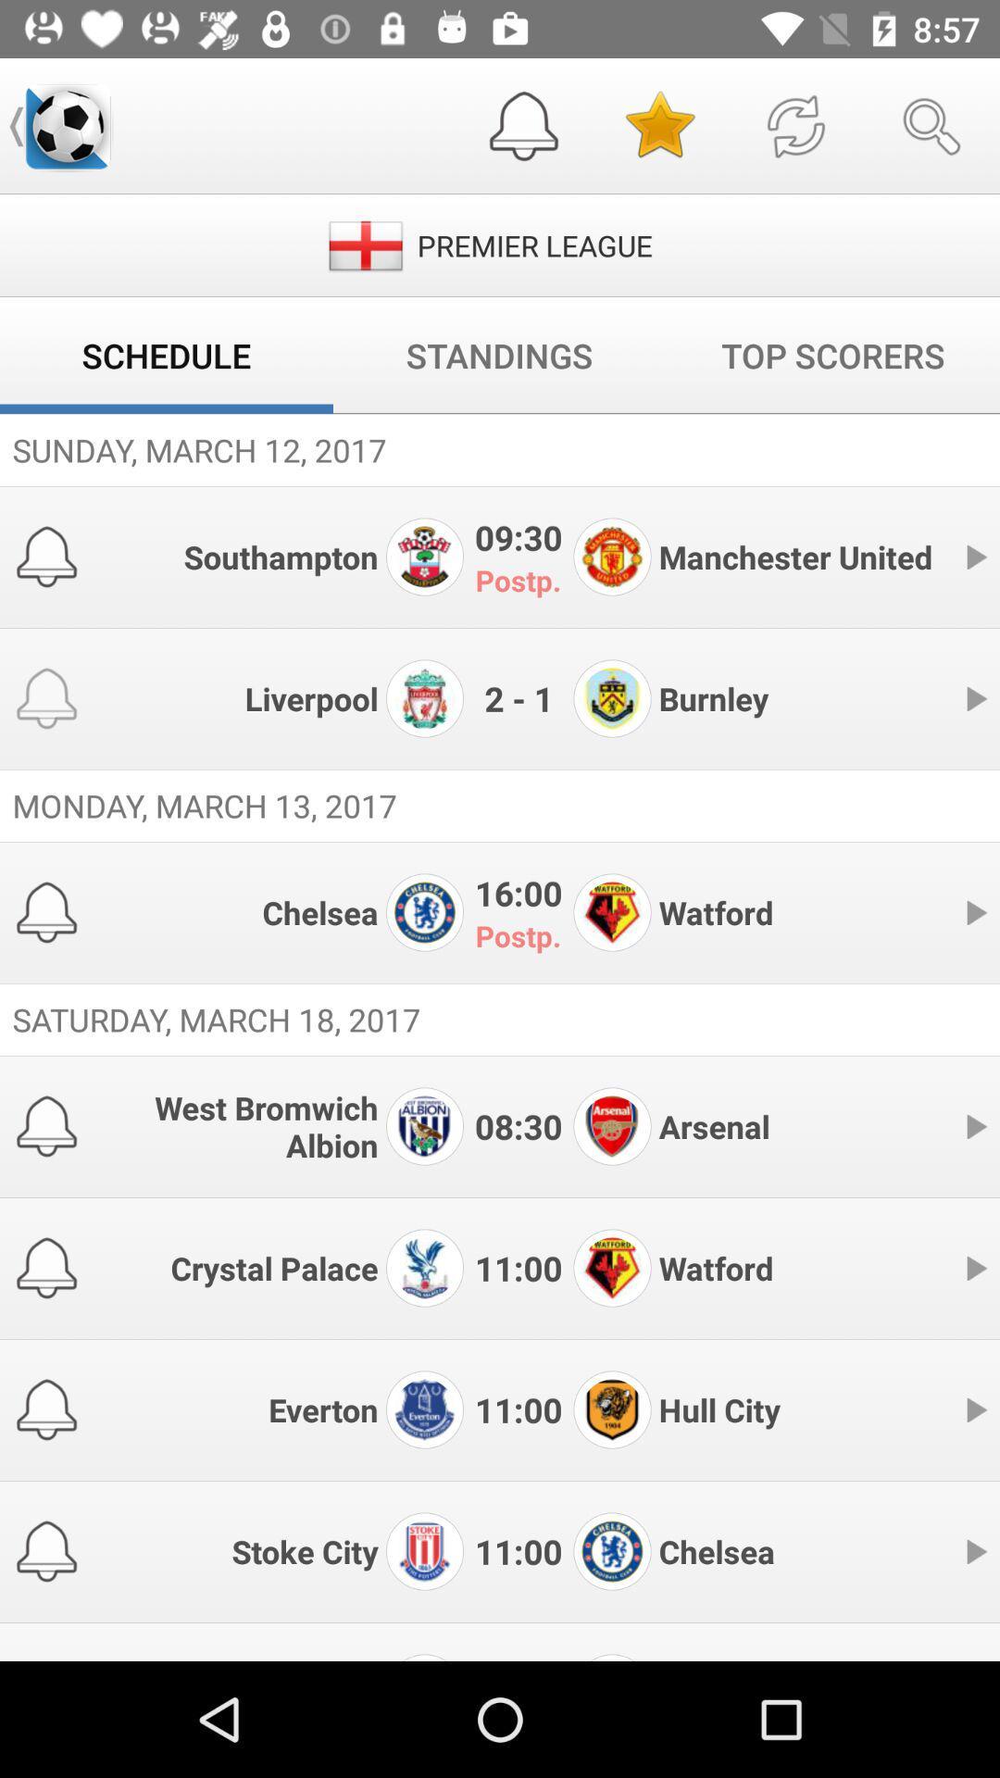  Describe the element at coordinates (794, 125) in the screenshot. I see `the item above the top scorers item` at that location.